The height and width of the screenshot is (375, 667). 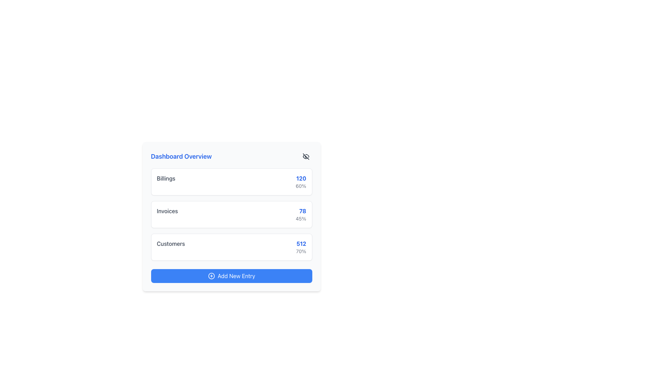 I want to click on the eye icon with a slash across it located at the top-right corner of the Dashboard Overview section, so click(x=306, y=157).